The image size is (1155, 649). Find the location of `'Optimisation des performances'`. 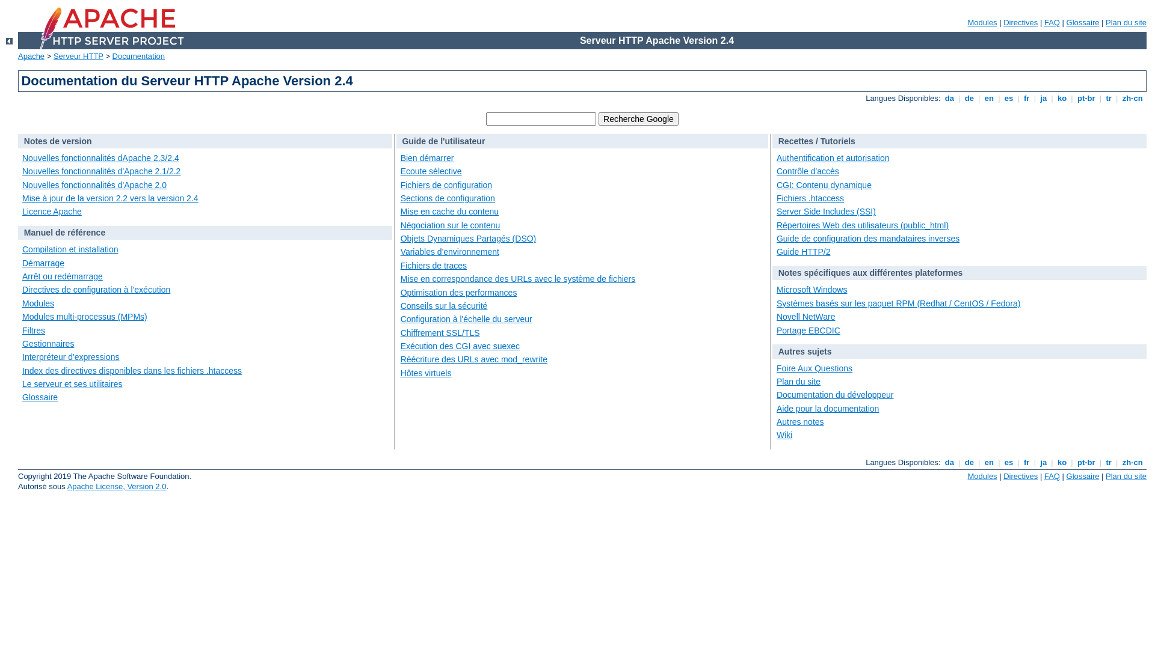

'Optimisation des performances' is located at coordinates (458, 292).